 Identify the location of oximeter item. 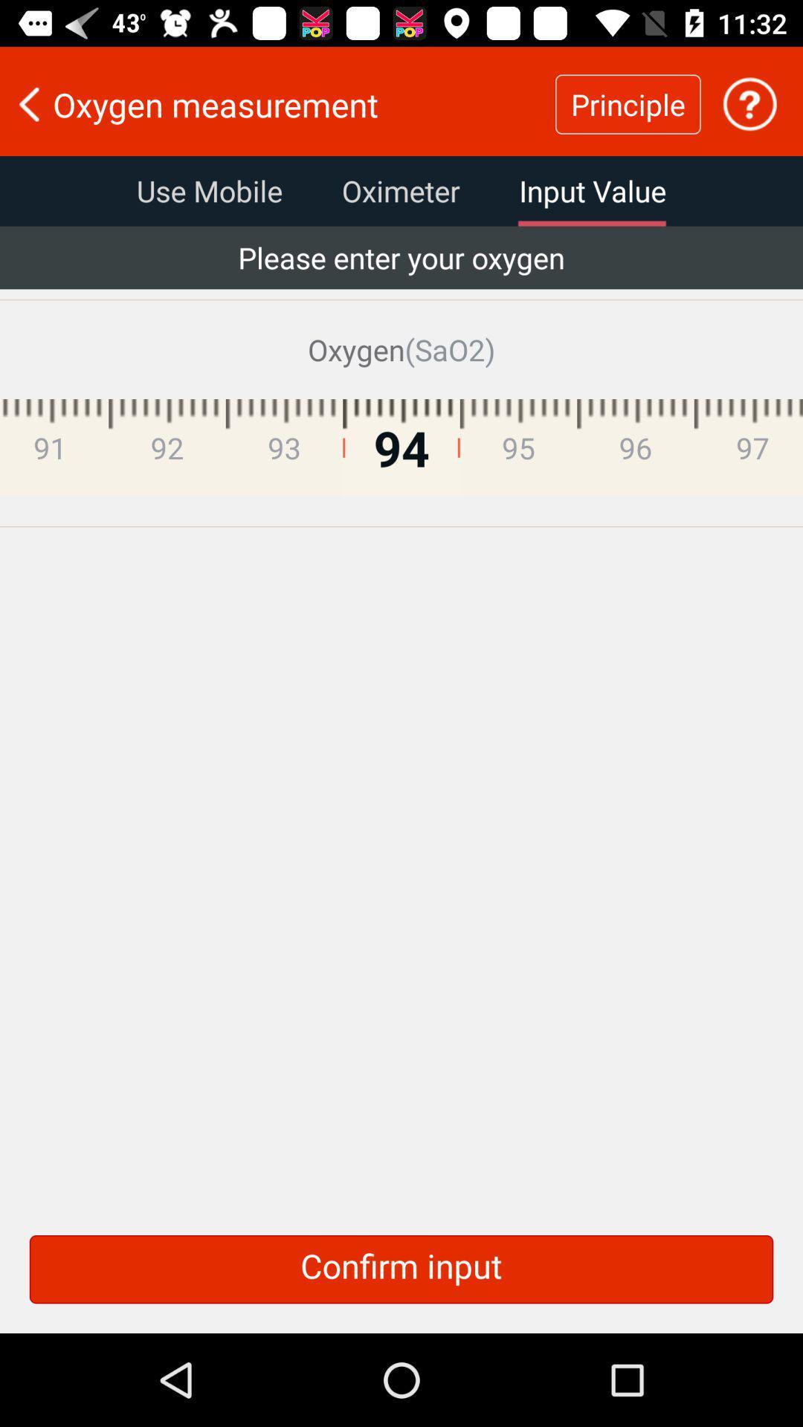
(400, 190).